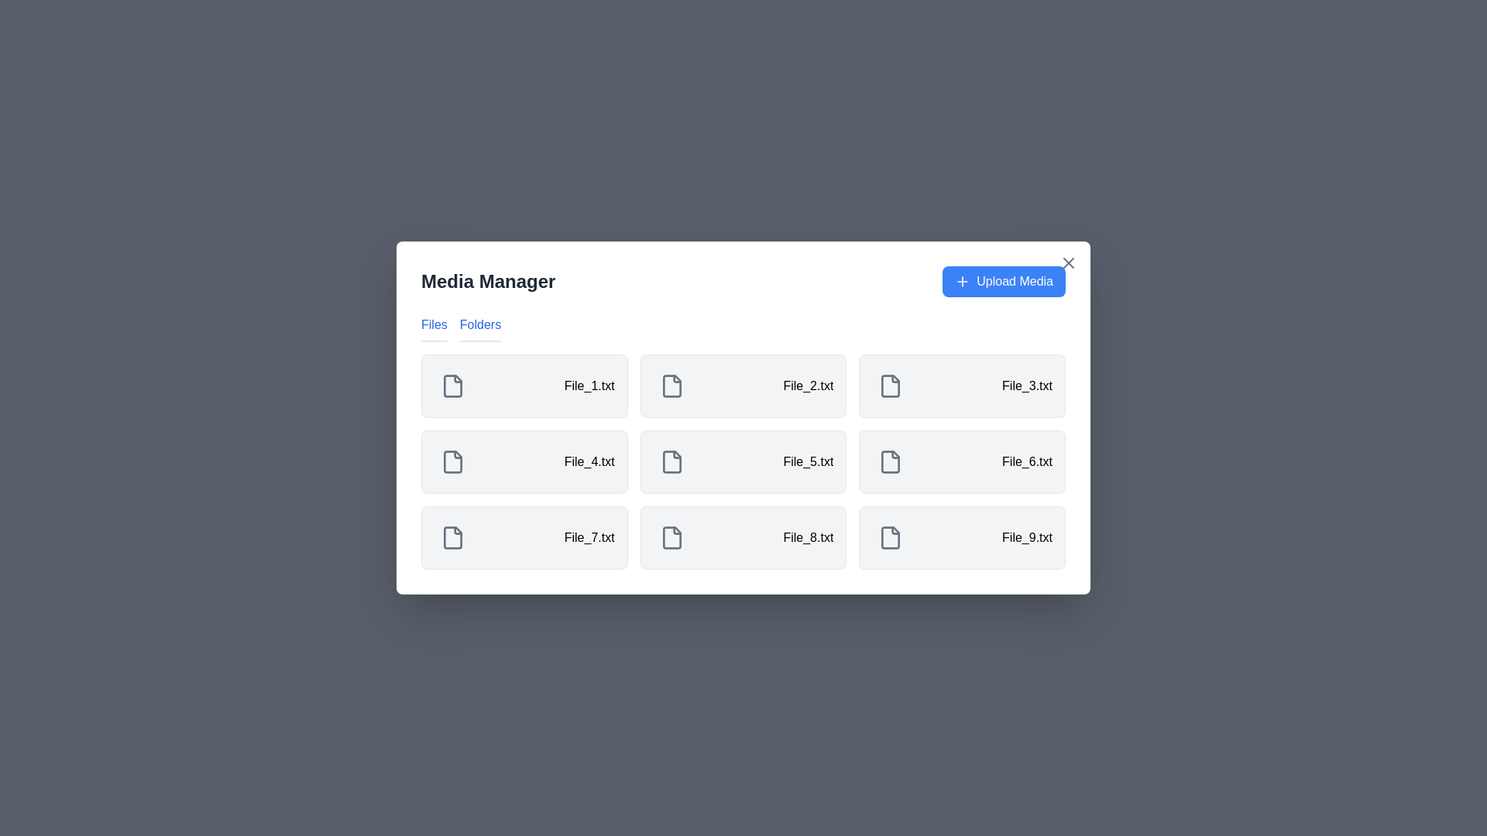 This screenshot has width=1487, height=836. What do you see at coordinates (452, 385) in the screenshot?
I see `the file icon representing 'File_1.txt'` at bounding box center [452, 385].